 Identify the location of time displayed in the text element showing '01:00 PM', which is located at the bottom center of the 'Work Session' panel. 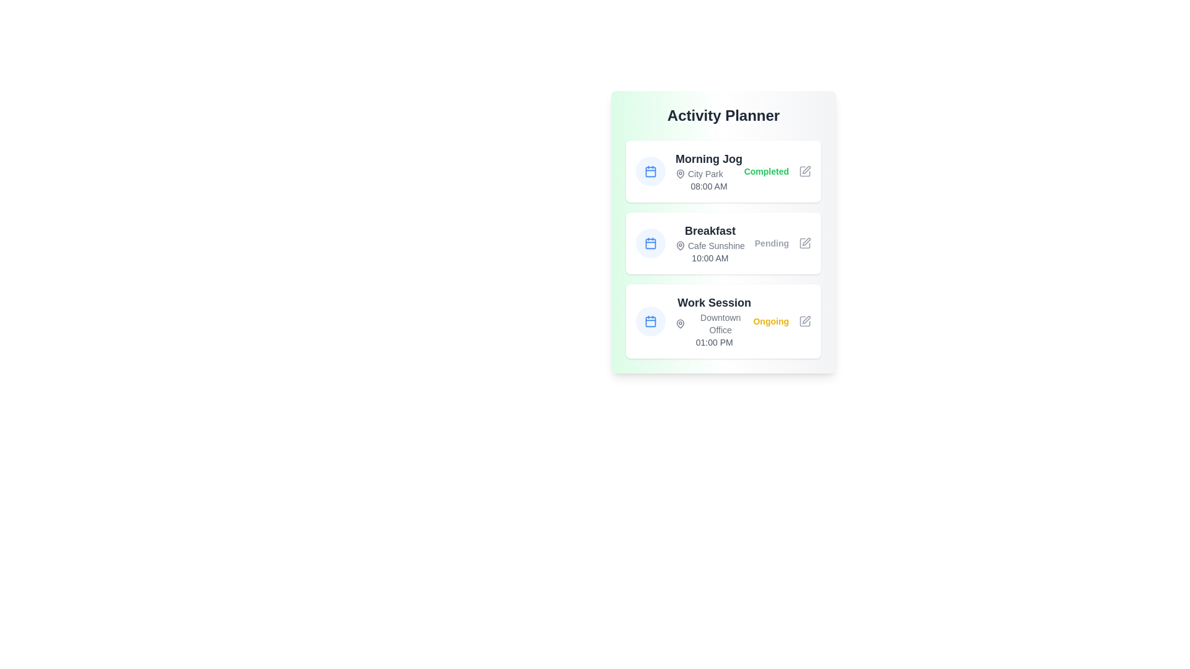
(714, 342).